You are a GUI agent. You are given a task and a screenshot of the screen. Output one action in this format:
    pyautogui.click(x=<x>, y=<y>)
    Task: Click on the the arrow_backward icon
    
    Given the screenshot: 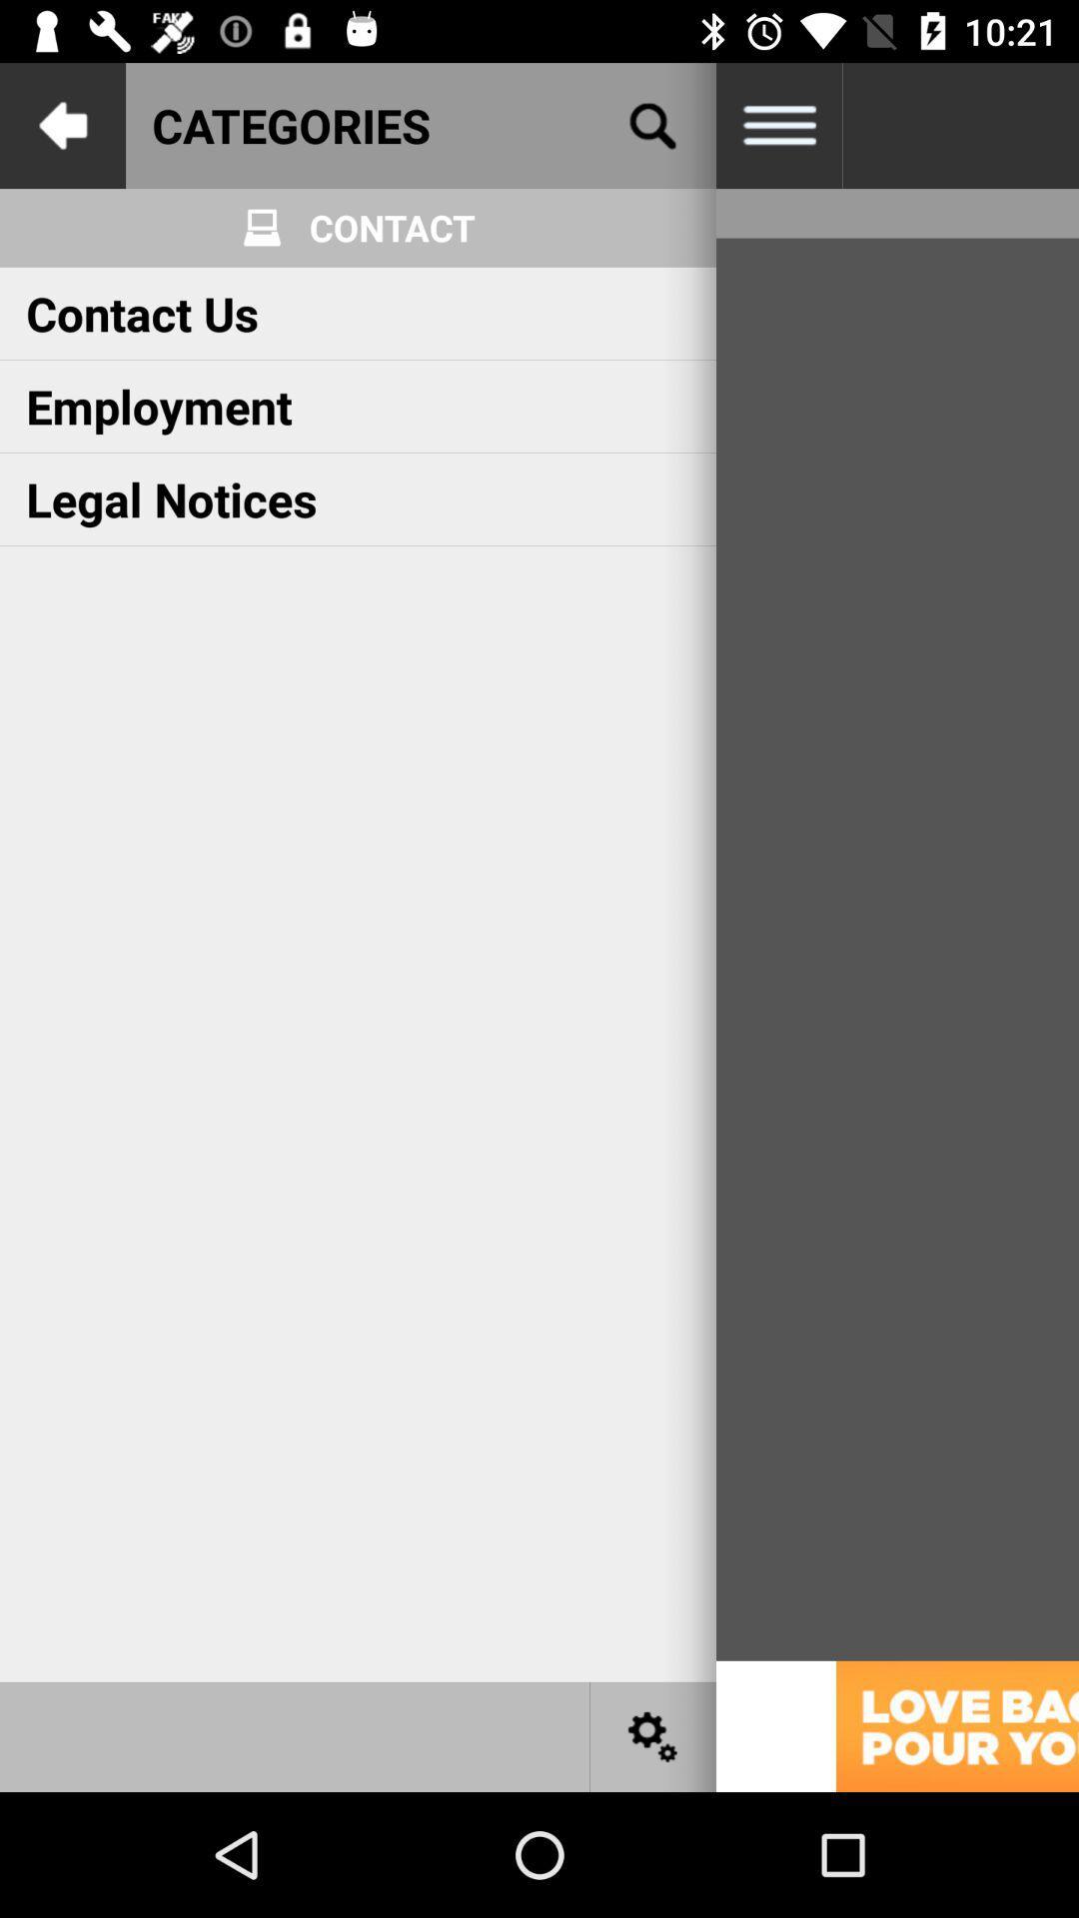 What is the action you would take?
    pyautogui.click(x=61, y=124)
    